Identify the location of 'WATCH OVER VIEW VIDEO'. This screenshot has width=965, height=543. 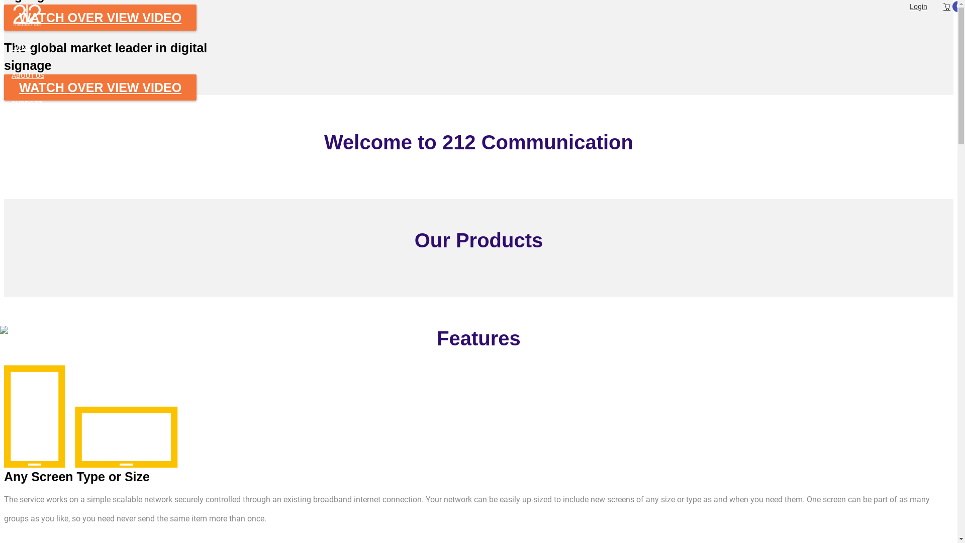
(100, 86).